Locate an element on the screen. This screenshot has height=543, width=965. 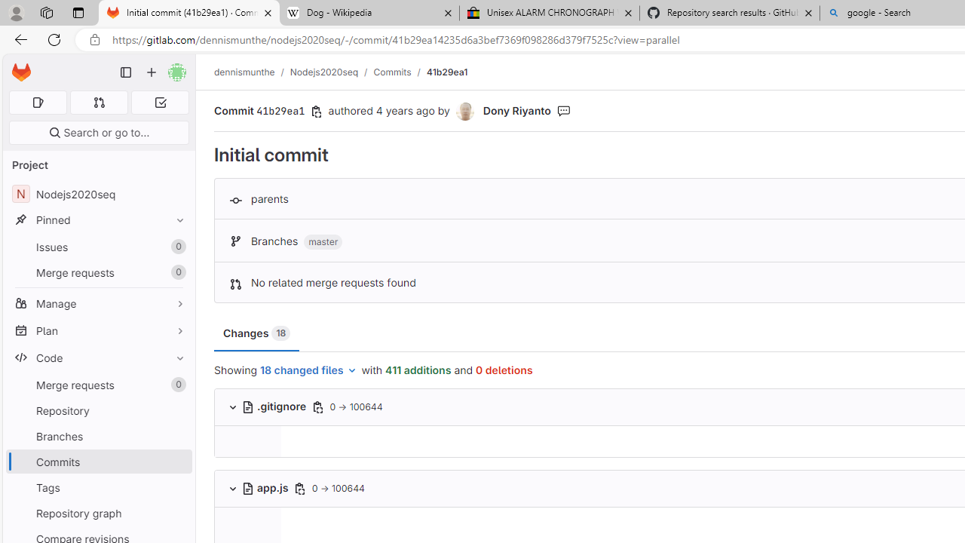
'.gitignore ' is located at coordinates (274, 406).